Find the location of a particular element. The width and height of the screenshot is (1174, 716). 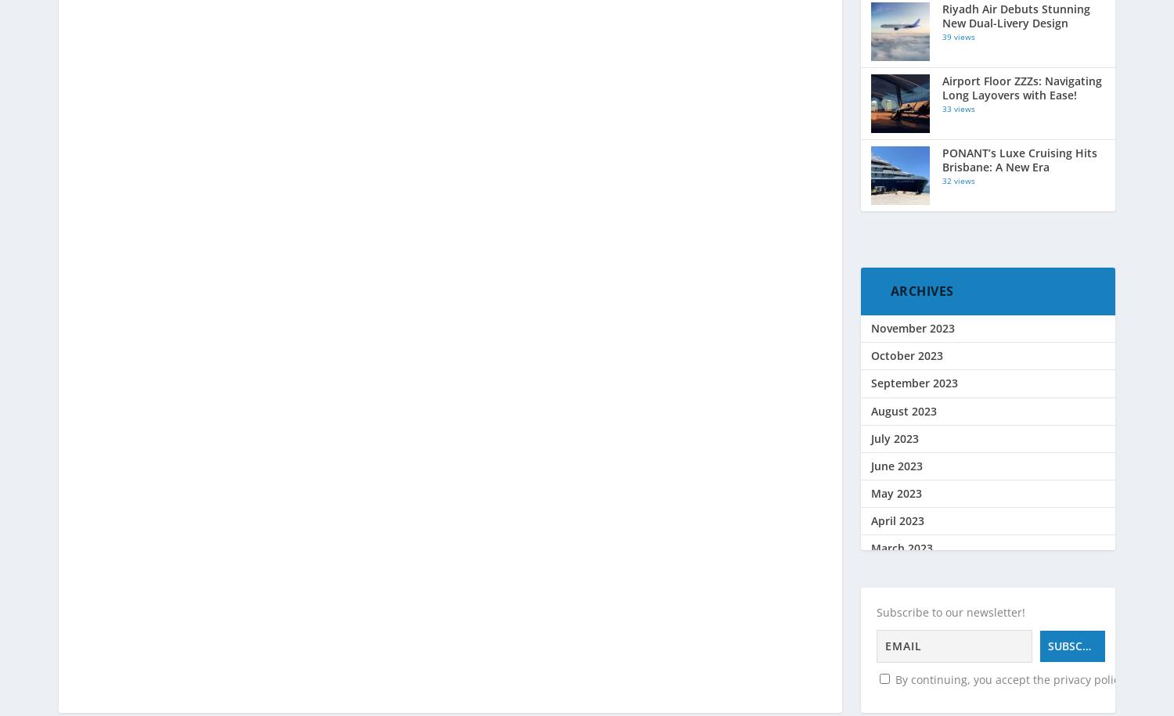

'May 2023' is located at coordinates (895, 493).